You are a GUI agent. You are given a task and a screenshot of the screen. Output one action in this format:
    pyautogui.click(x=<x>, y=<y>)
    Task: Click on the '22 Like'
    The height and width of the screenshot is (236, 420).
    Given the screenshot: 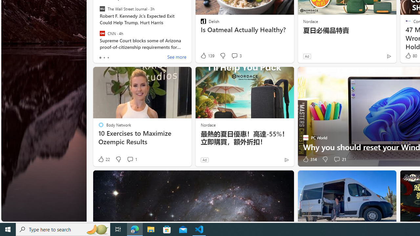 What is the action you would take?
    pyautogui.click(x=103, y=159)
    